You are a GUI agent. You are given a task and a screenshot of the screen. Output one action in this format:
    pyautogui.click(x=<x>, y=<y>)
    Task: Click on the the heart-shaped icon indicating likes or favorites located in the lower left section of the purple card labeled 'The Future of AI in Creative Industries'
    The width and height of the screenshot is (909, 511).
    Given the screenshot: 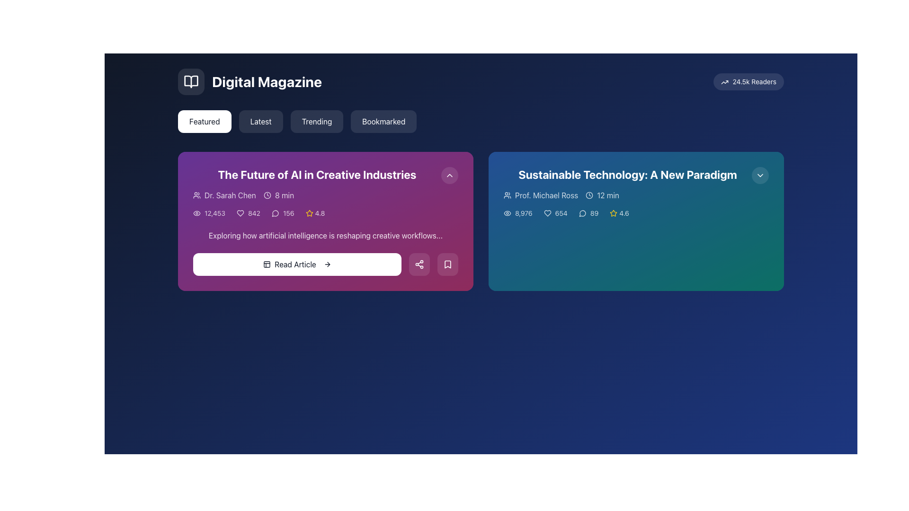 What is the action you would take?
    pyautogui.click(x=241, y=213)
    